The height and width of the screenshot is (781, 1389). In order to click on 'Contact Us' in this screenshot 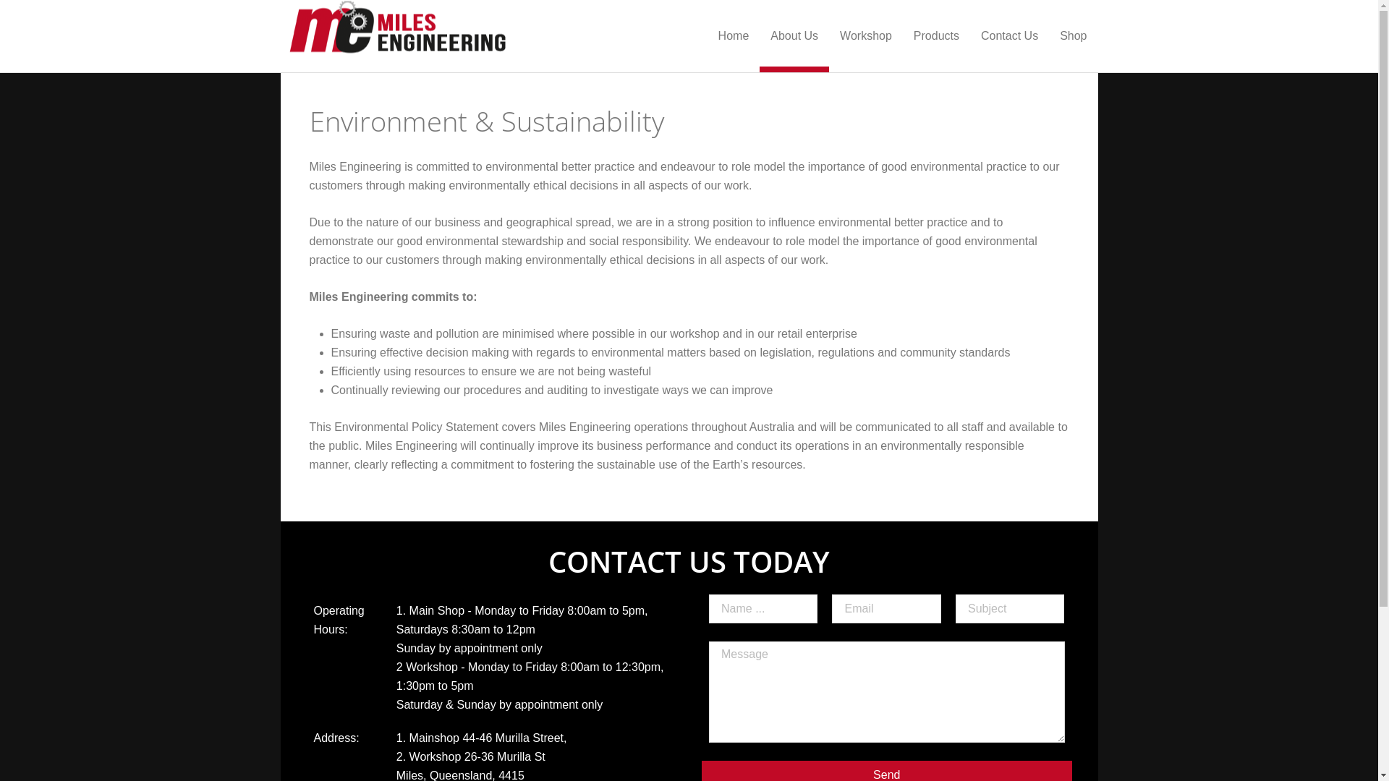, I will do `click(1008, 35)`.